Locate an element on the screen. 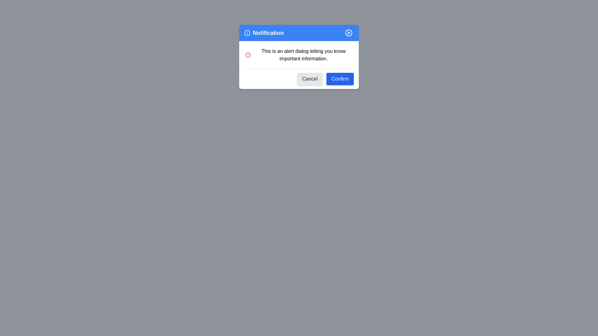 The height and width of the screenshot is (336, 598). the cancel button located at the bottom right corner of the dialog box, positioned to the left of the 'Confirm' button is located at coordinates (310, 79).